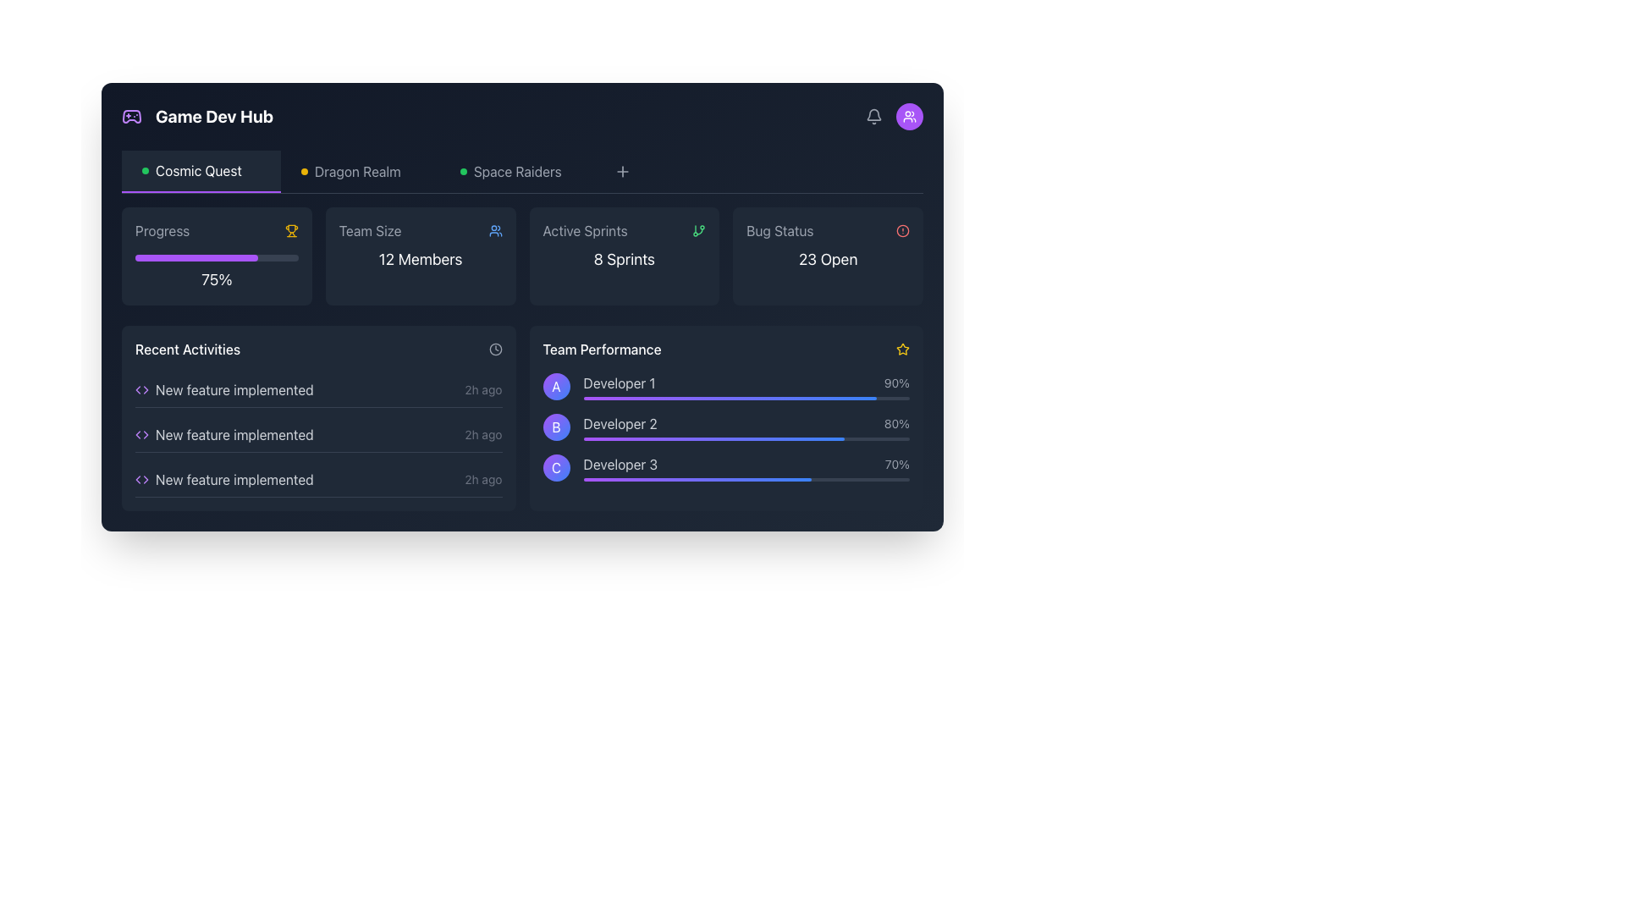 This screenshot has height=914, width=1625. I want to click on the button with a centered '+' icon located to the right of the 'Space Raiders' label in the top navigation bar, so click(621, 172).